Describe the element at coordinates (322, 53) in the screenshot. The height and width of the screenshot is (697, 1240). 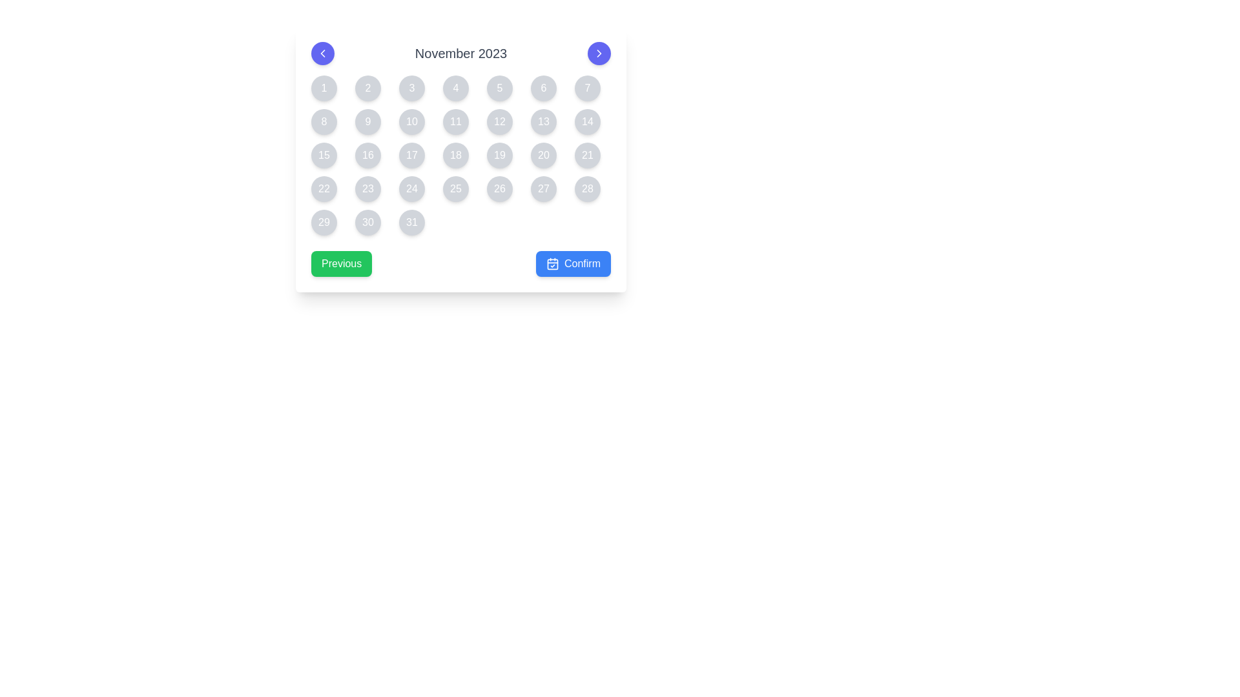
I see `the small leftwards arrow icon, which is a thin vector outline located within the larger leftwards chevron icon at the top-left corner of the calendar widget` at that location.